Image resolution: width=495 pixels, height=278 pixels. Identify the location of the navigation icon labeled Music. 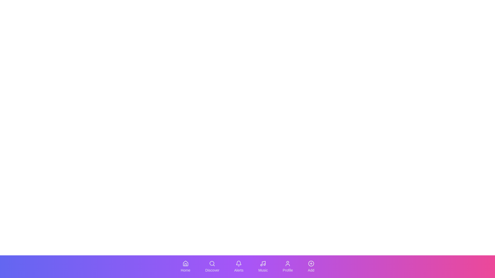
(263, 266).